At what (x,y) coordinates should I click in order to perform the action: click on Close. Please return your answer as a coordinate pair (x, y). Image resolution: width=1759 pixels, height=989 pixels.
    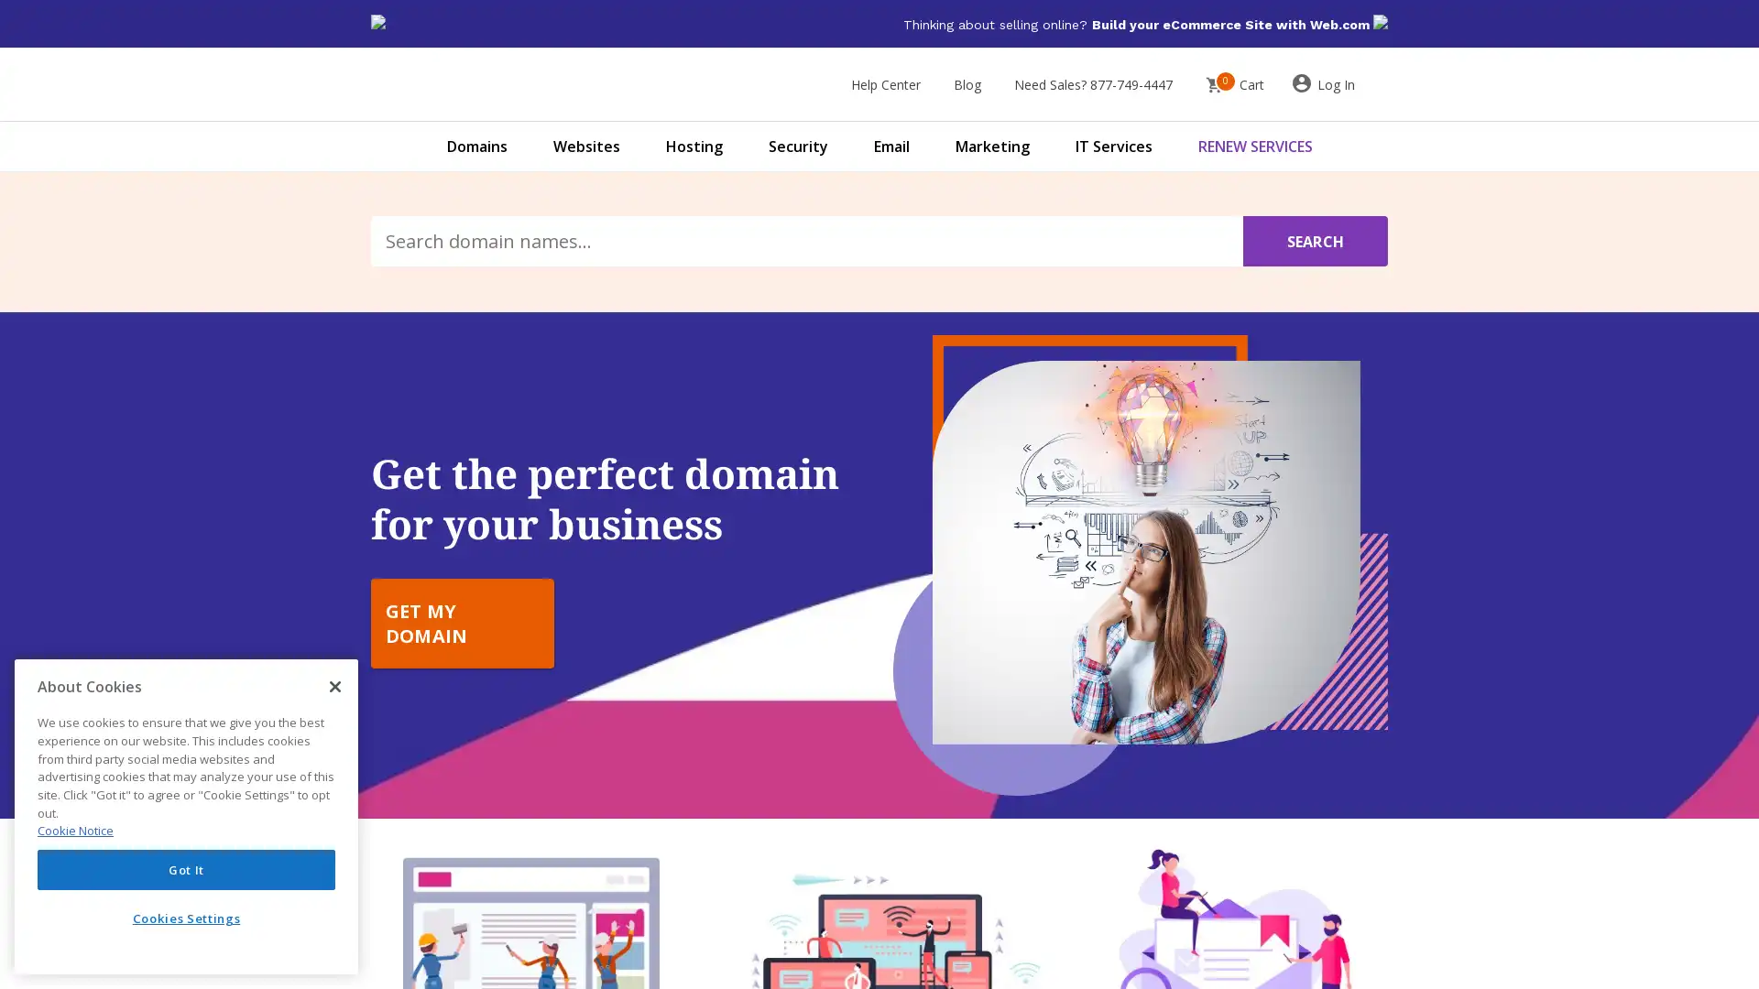
    Looking at the image, I should click on (334, 686).